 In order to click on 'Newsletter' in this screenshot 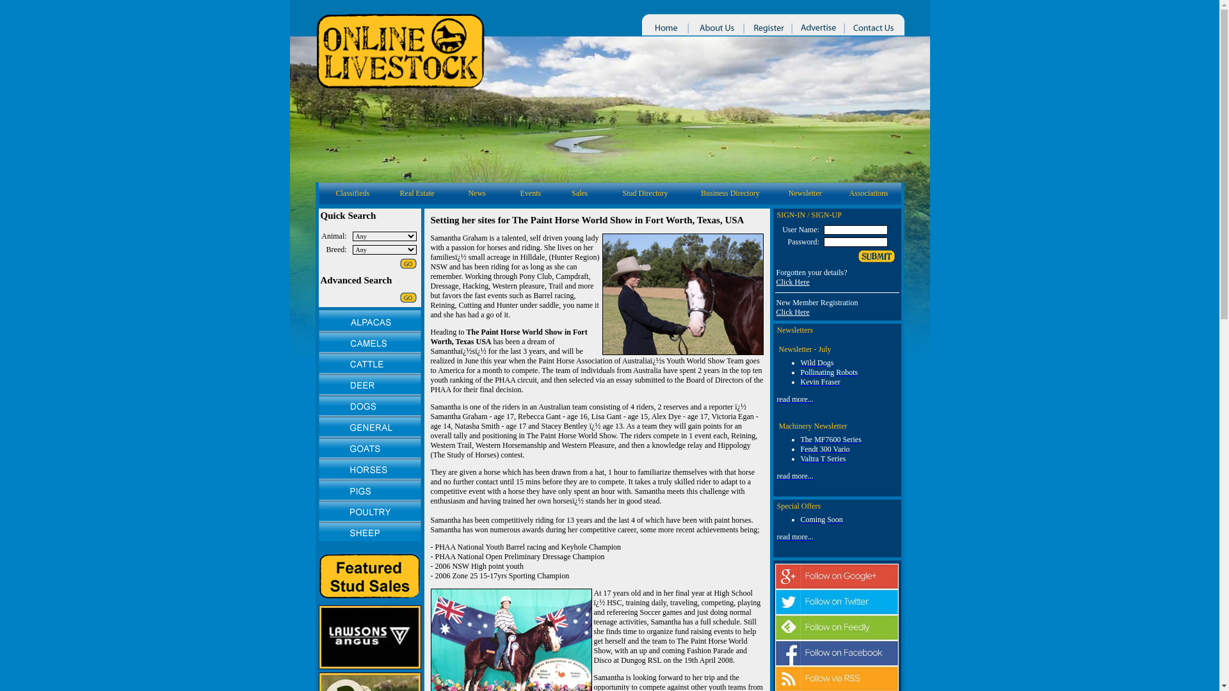, I will do `click(804, 193)`.